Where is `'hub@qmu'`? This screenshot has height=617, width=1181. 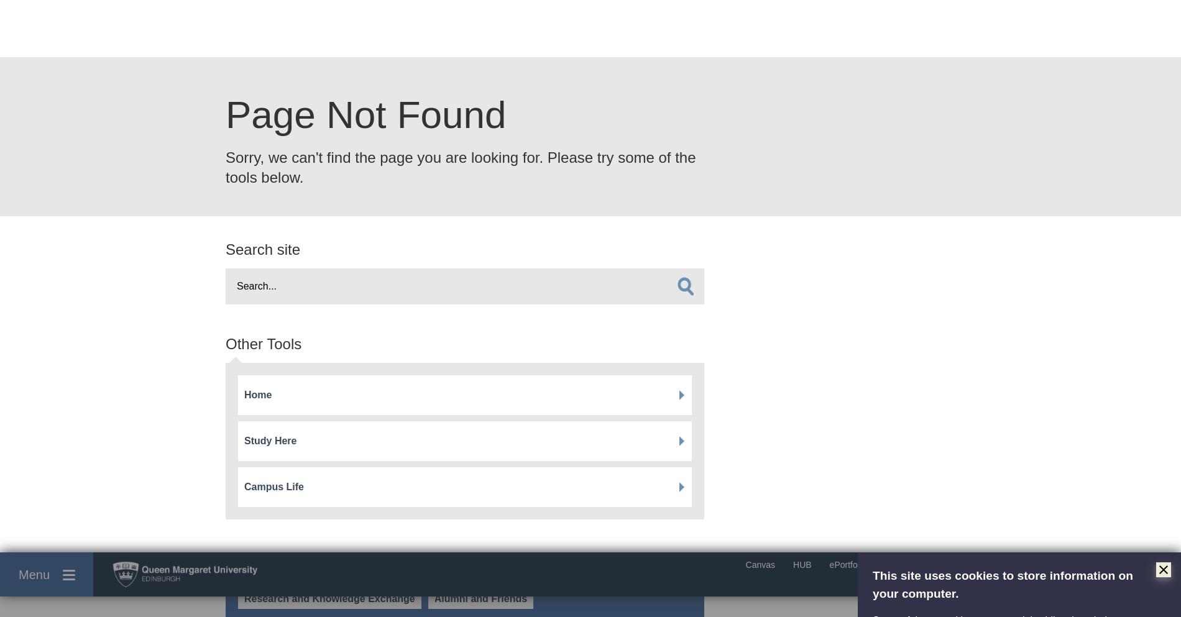 'hub@qmu' is located at coordinates (225, 404).